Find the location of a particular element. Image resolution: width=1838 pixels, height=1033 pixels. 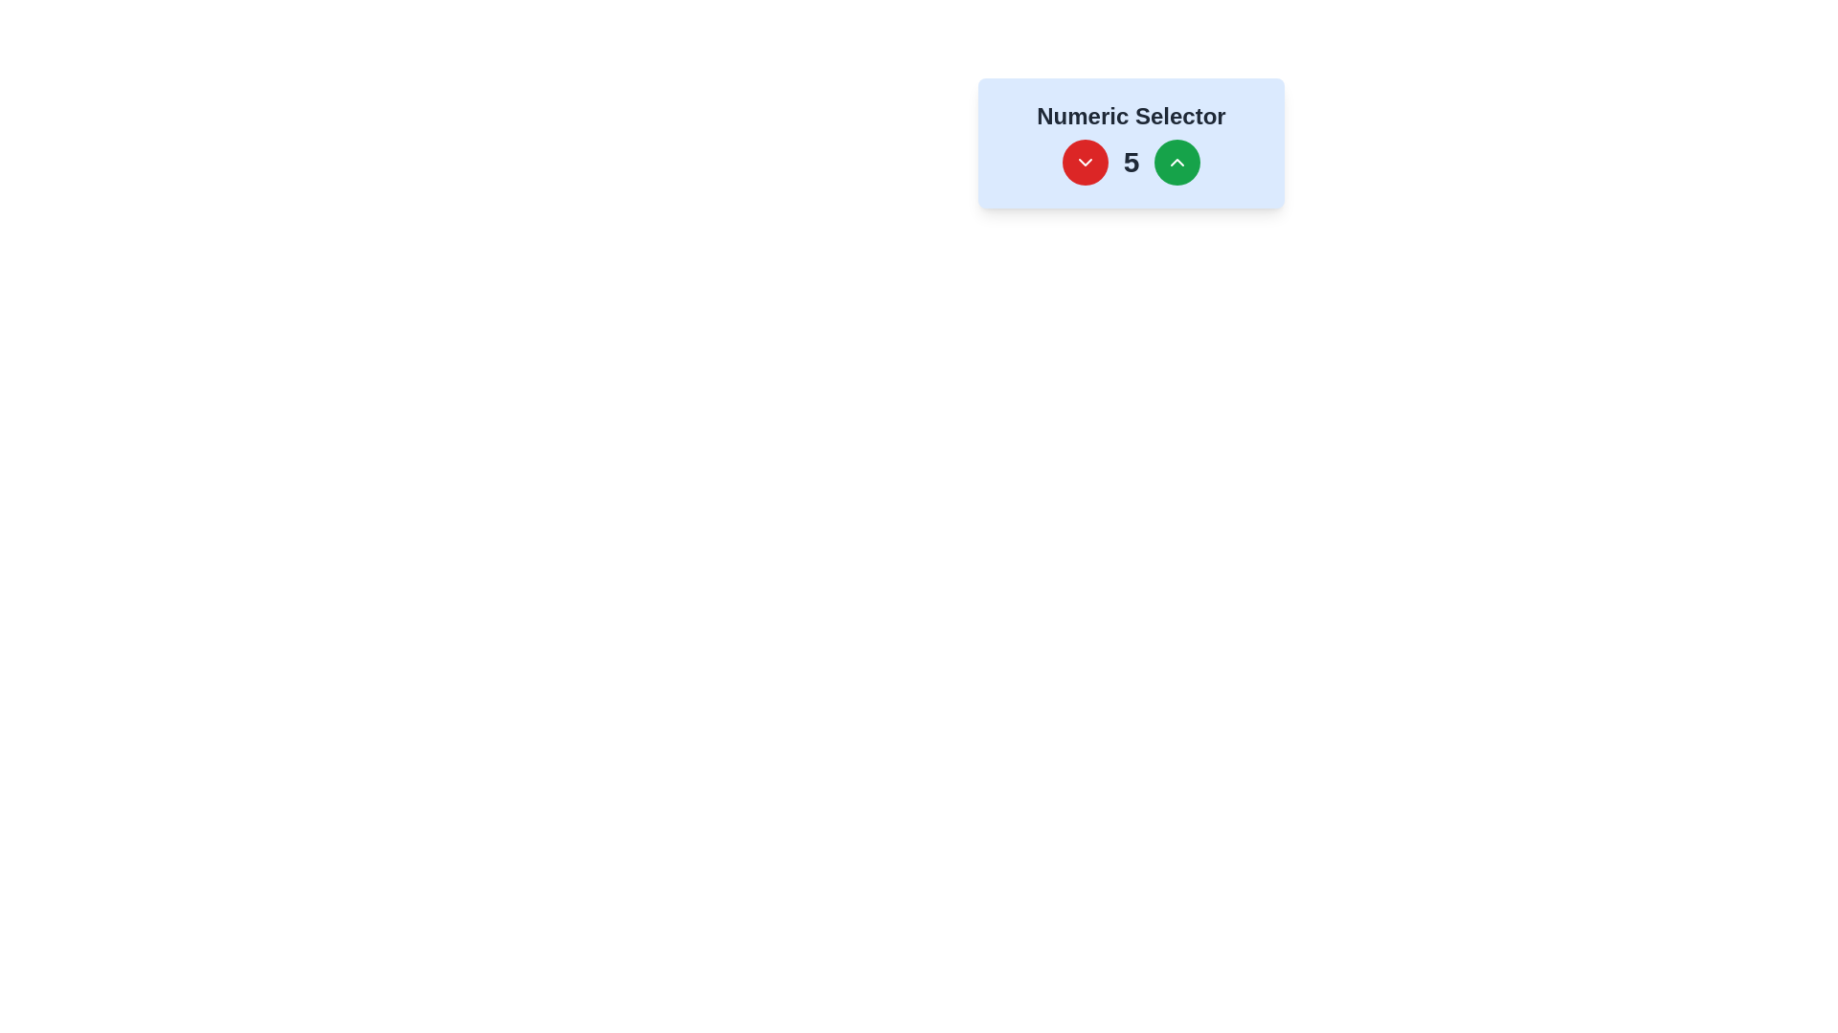

the increment button located on the rightmost side of the numeric selection component, next to the red circular button and the number '5', to change its color is located at coordinates (1177, 161).